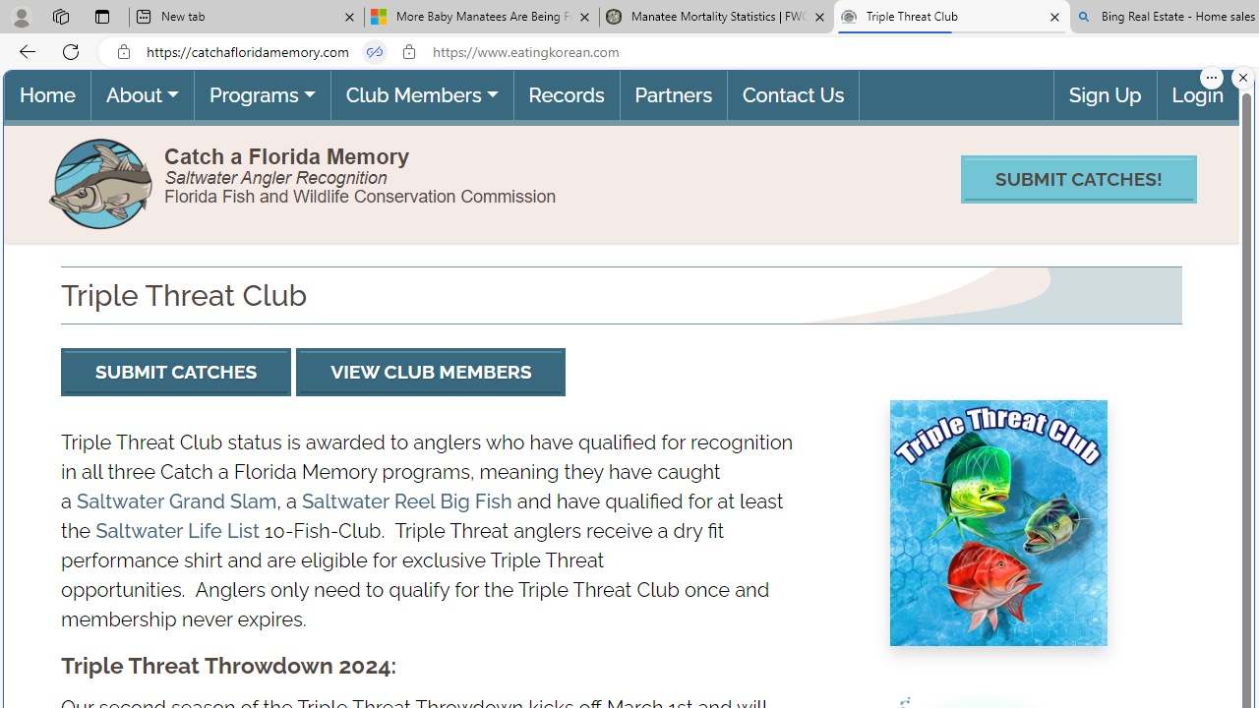  Describe the element at coordinates (430, 372) in the screenshot. I see `'VIEW CLUB MEMBERS'` at that location.